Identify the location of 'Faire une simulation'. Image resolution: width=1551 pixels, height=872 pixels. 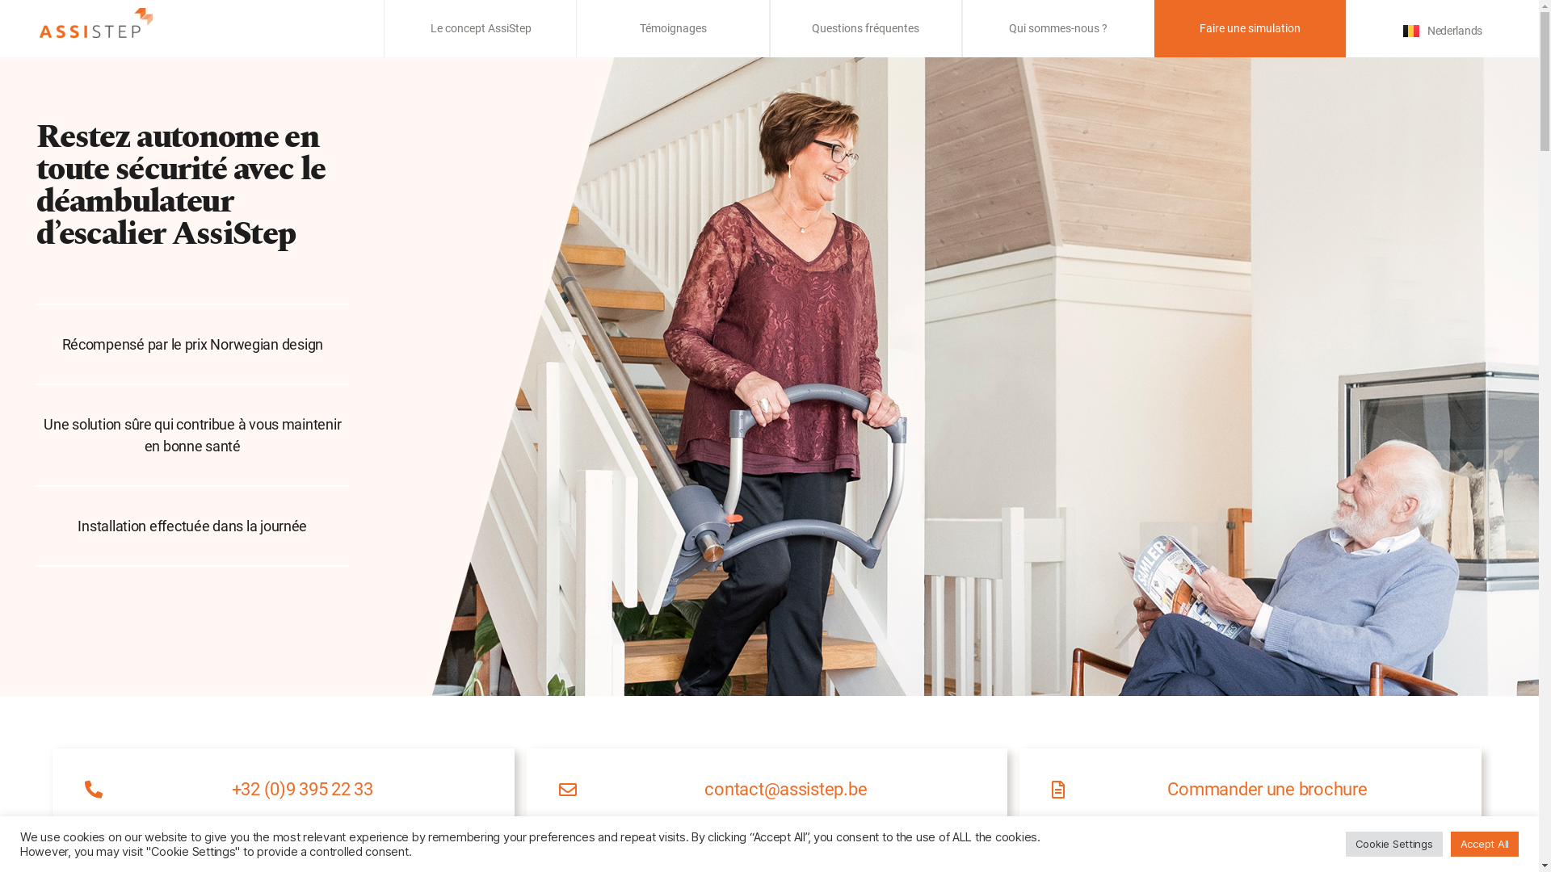
(1199, 27).